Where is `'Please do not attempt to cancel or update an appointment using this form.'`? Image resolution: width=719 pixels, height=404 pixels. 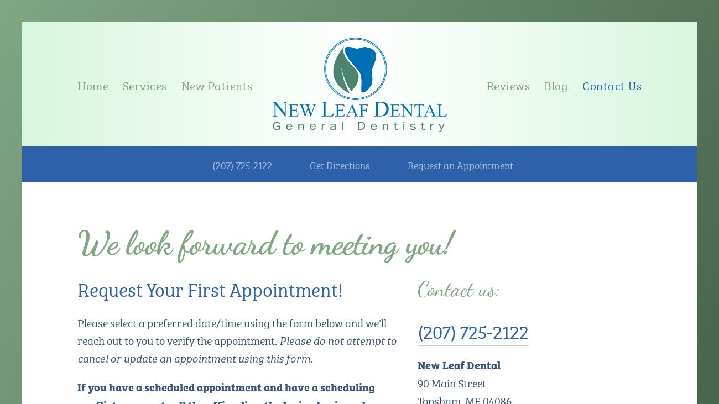 'Please do not attempt to cancel or update an appointment using this form.' is located at coordinates (238, 348).